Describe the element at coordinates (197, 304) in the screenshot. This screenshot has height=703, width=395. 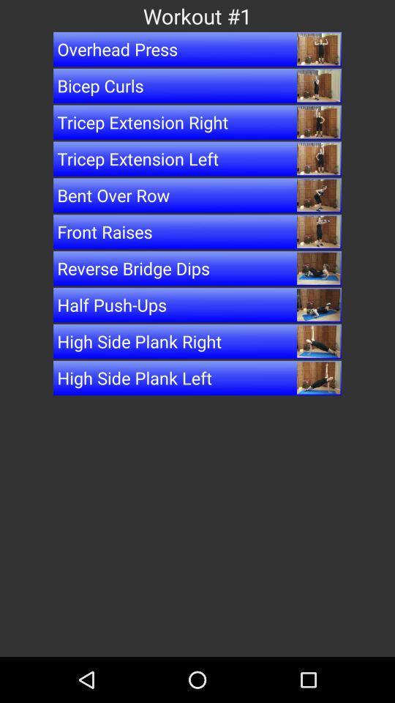
I see `the item above the high side plank icon` at that location.